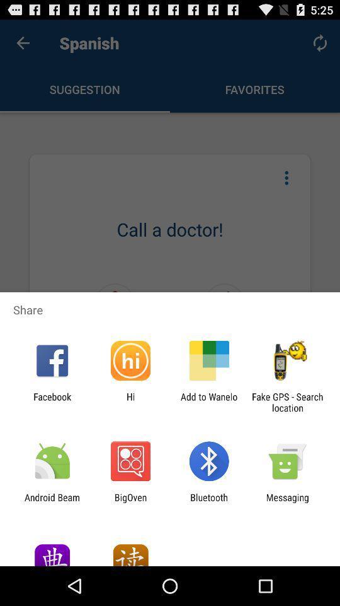 Image resolution: width=340 pixels, height=606 pixels. Describe the element at coordinates (130, 401) in the screenshot. I see `the item next to add to wanelo` at that location.